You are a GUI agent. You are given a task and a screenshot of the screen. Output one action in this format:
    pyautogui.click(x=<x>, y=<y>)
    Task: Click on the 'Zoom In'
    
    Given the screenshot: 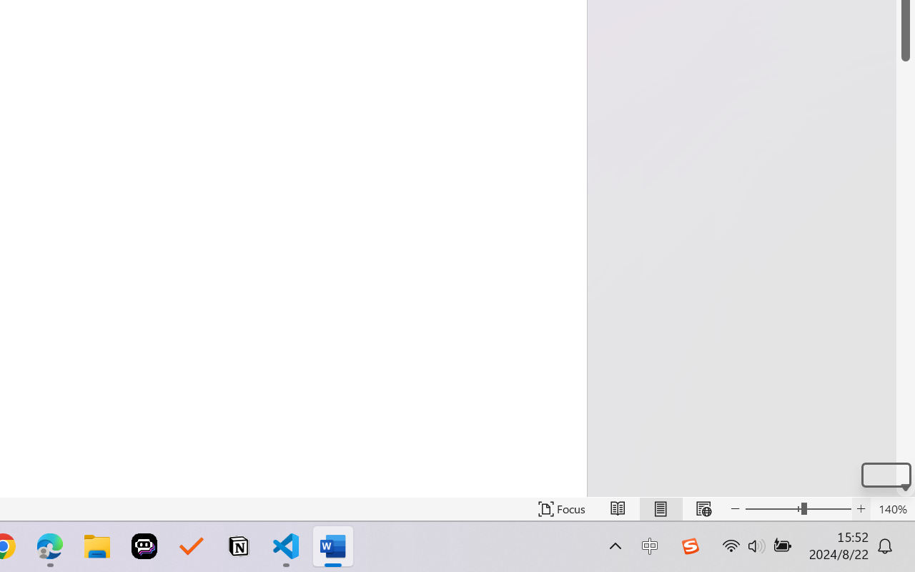 What is the action you would take?
    pyautogui.click(x=861, y=508)
    